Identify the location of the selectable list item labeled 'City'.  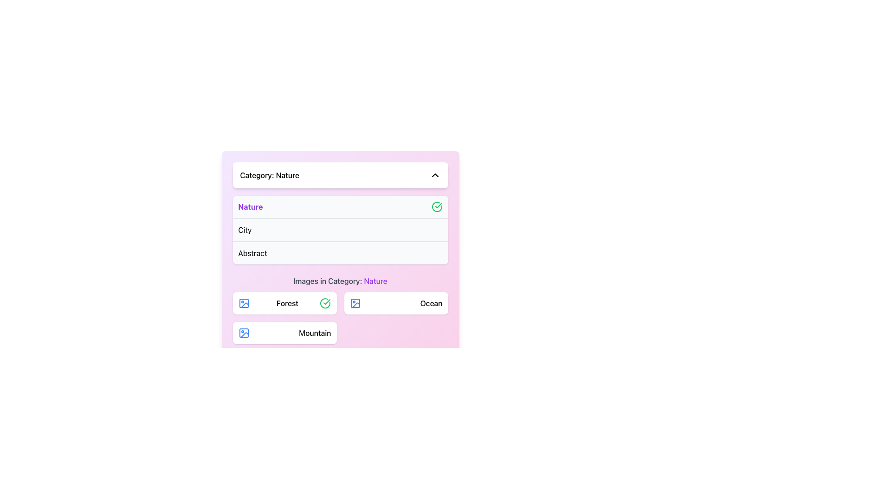
(340, 229).